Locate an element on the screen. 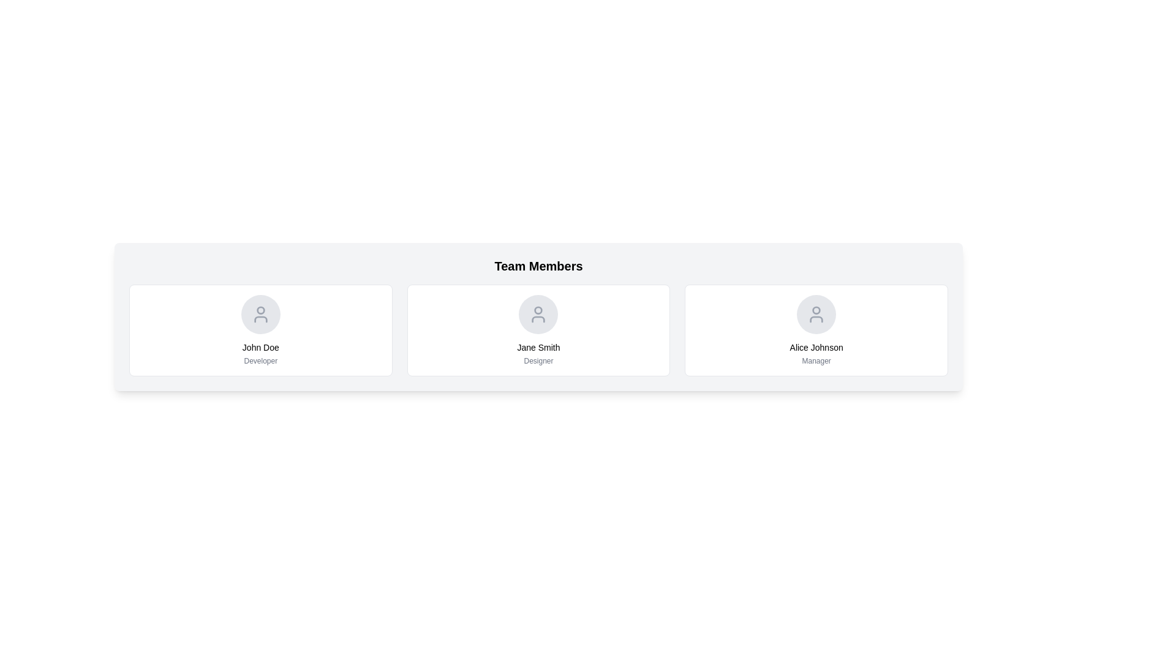 The image size is (1176, 661). the user profile icon representing Alice Johnson, which is located within the circular background of the third team member card is located at coordinates (816, 313).